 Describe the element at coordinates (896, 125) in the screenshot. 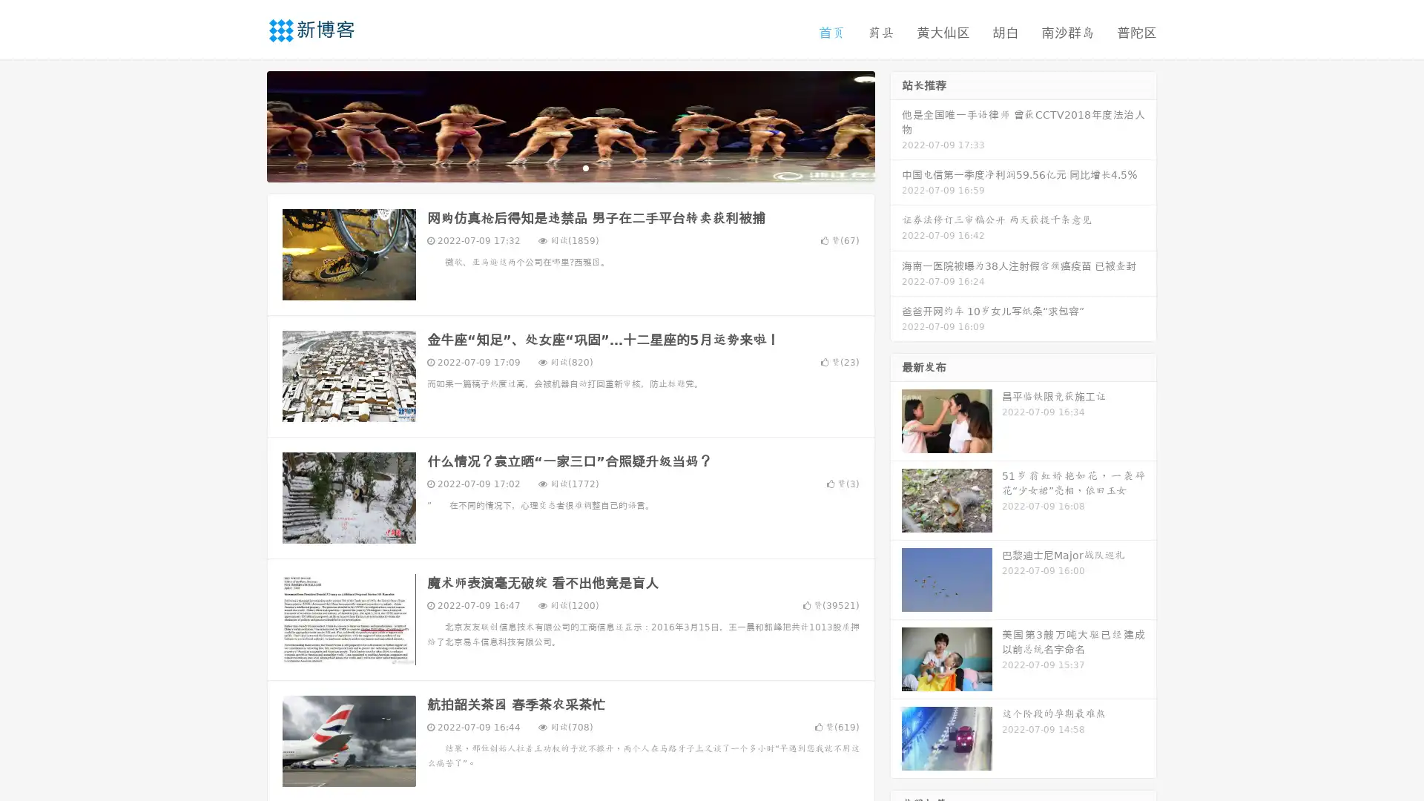

I see `Next slide` at that location.